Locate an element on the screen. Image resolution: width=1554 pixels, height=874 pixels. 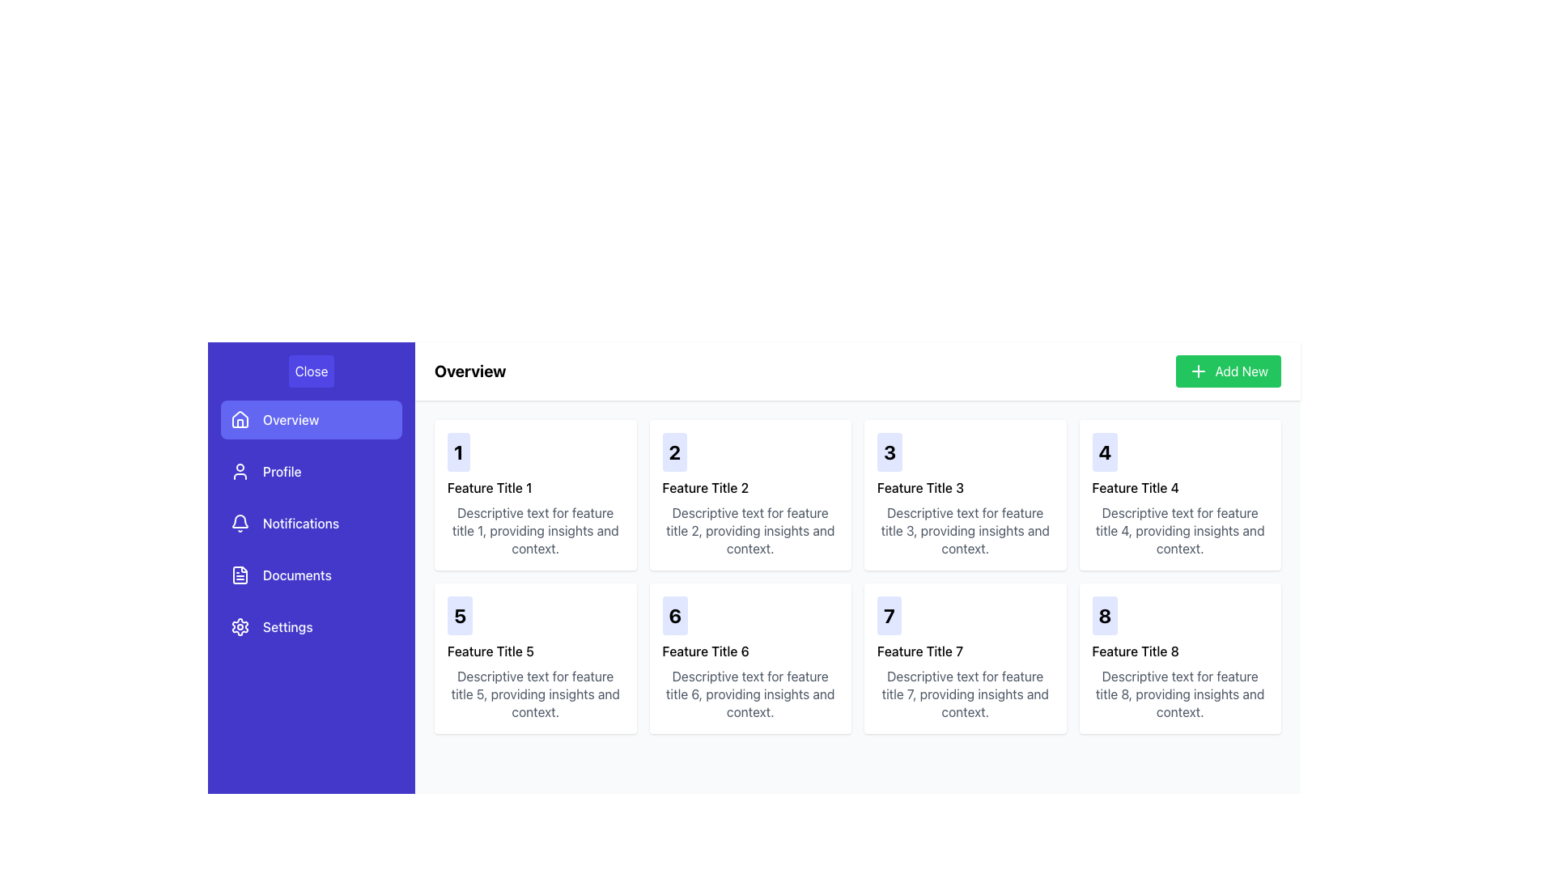
the icon within the green 'Add New' button located at the top-right corner of the feature card section is located at coordinates (1199, 371).